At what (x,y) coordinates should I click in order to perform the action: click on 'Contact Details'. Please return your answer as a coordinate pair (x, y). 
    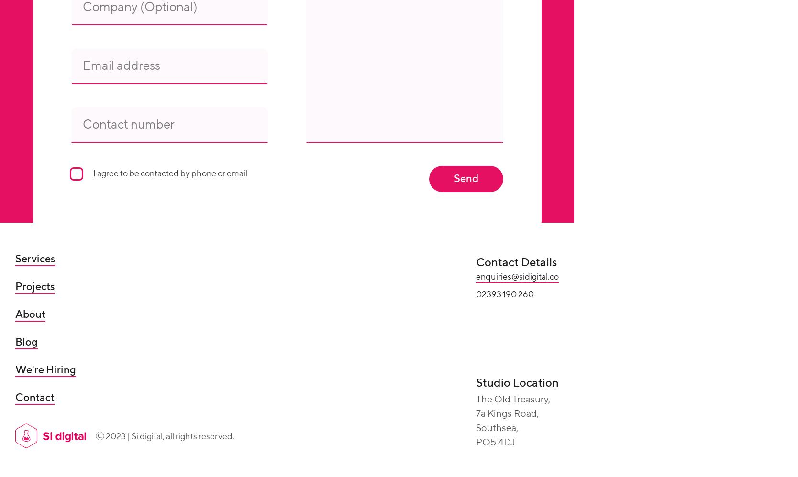
    Looking at the image, I should click on (476, 262).